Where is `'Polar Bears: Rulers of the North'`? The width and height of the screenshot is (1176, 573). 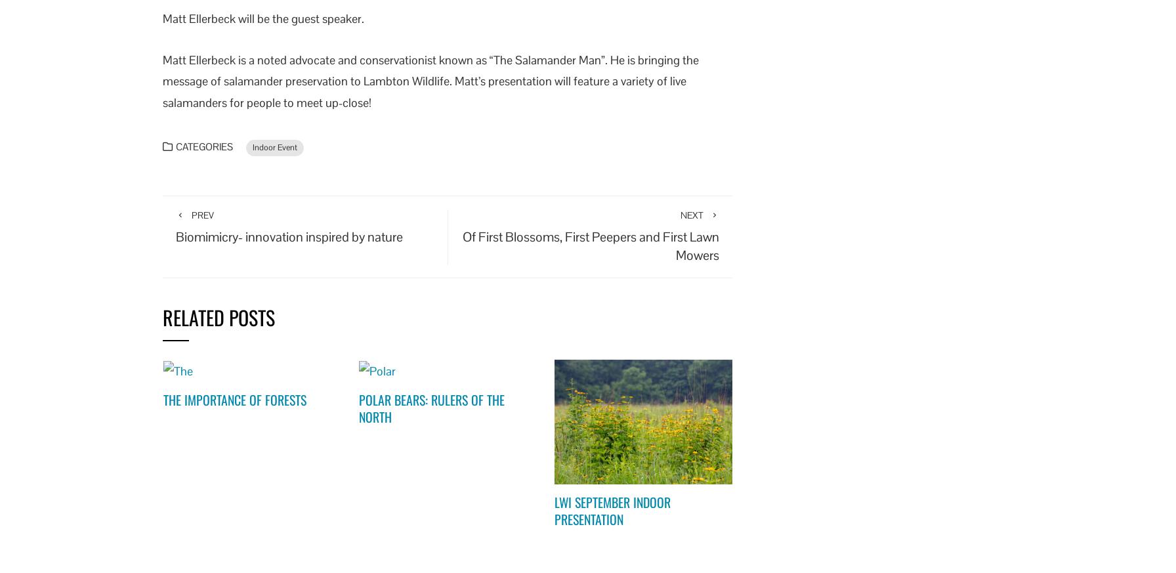
'Polar Bears: Rulers of the North' is located at coordinates (430, 408).